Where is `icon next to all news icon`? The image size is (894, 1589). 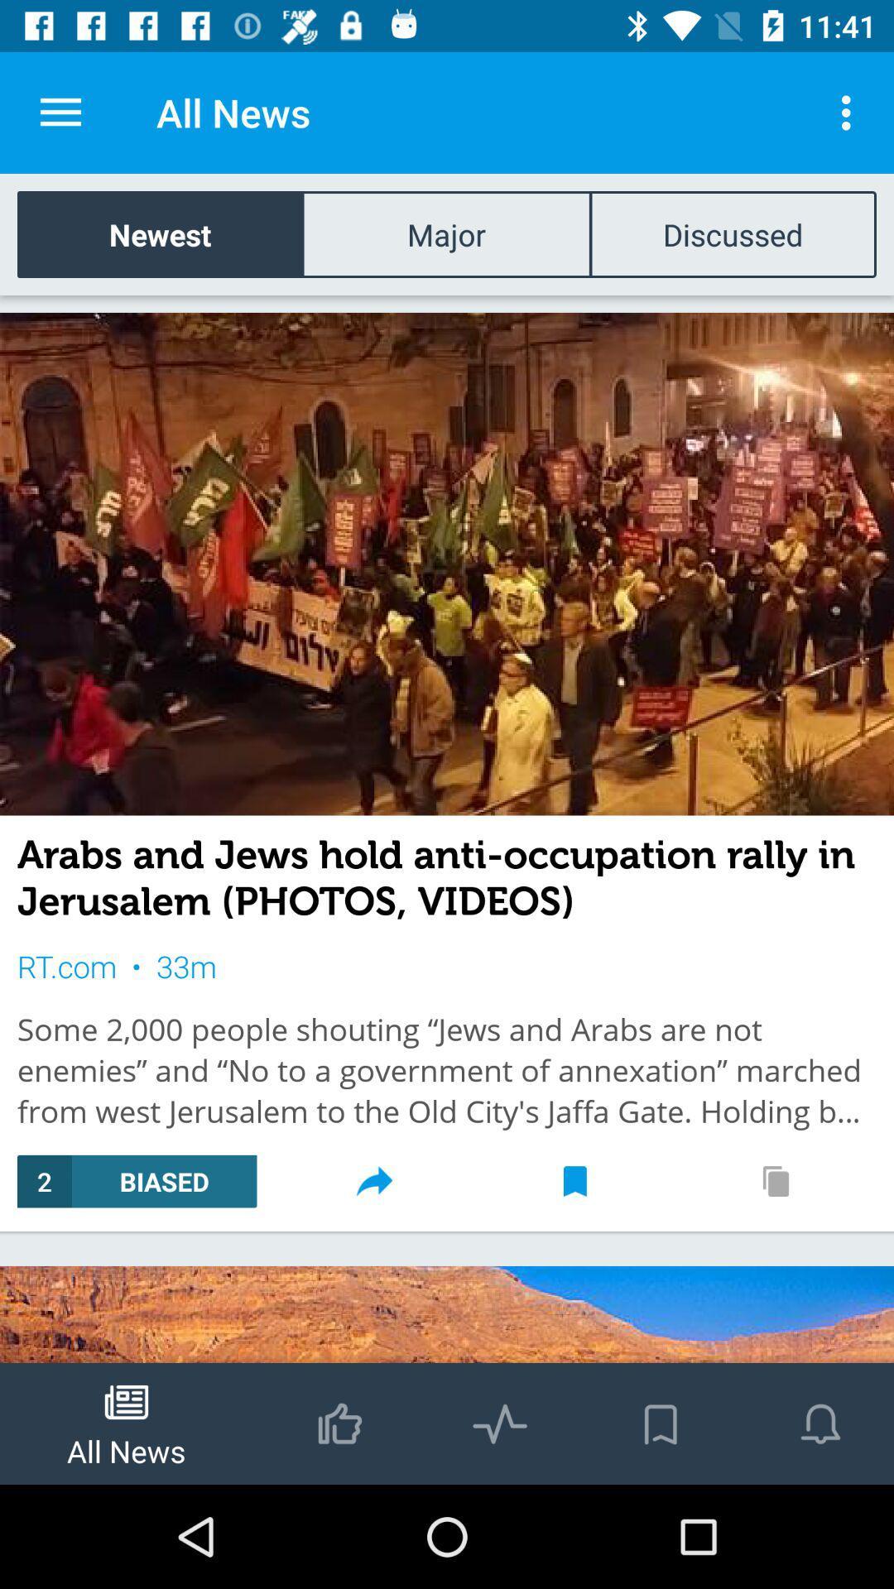 icon next to all news icon is located at coordinates (850, 112).